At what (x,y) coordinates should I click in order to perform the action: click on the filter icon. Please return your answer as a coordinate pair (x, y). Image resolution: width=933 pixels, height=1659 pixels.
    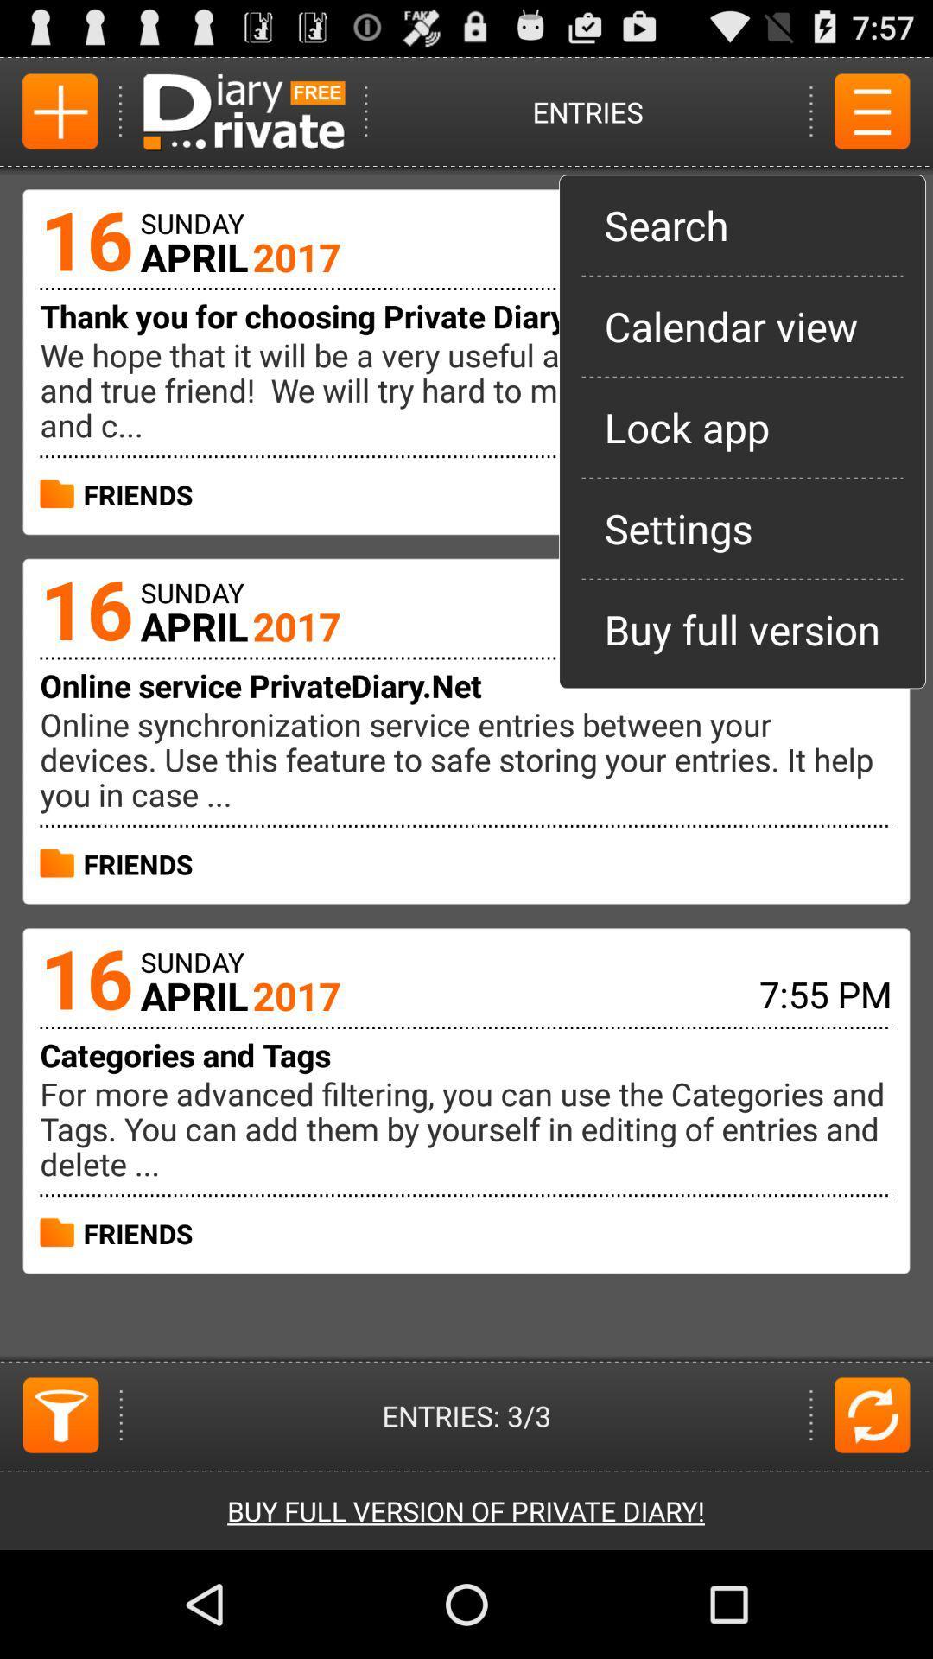
    Looking at the image, I should click on (60, 1514).